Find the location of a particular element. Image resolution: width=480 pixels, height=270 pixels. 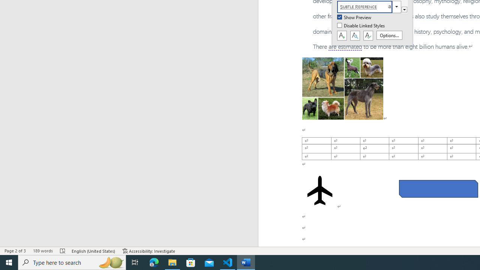

'Language English (United States)' is located at coordinates (93, 251).